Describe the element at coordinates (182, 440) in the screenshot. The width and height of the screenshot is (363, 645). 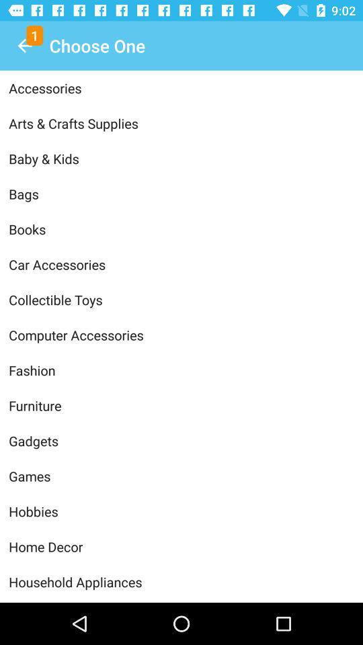
I see `icon below furniture item` at that location.